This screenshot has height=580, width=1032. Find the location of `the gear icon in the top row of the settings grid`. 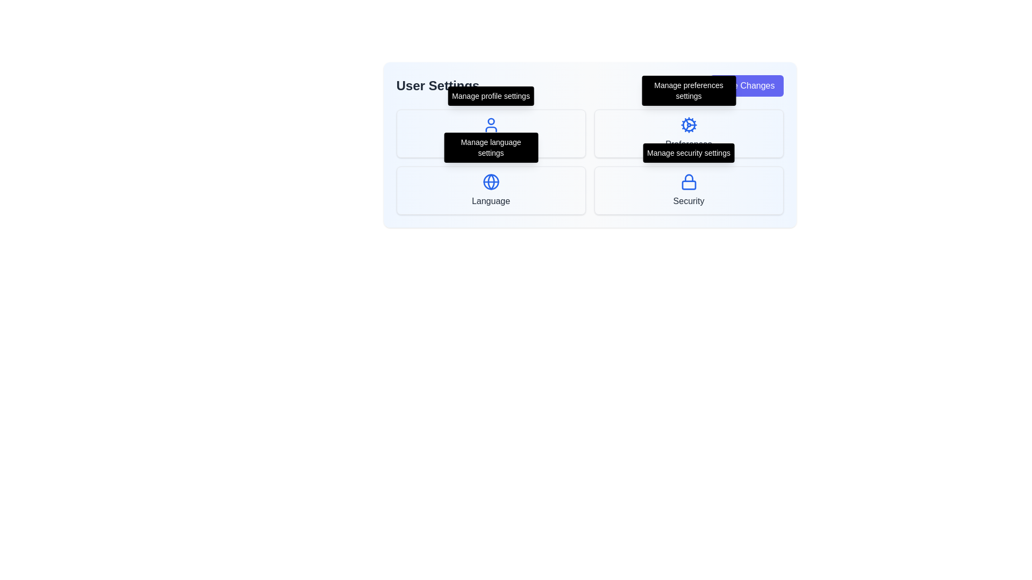

the gear icon in the top row of the settings grid is located at coordinates (686, 128).